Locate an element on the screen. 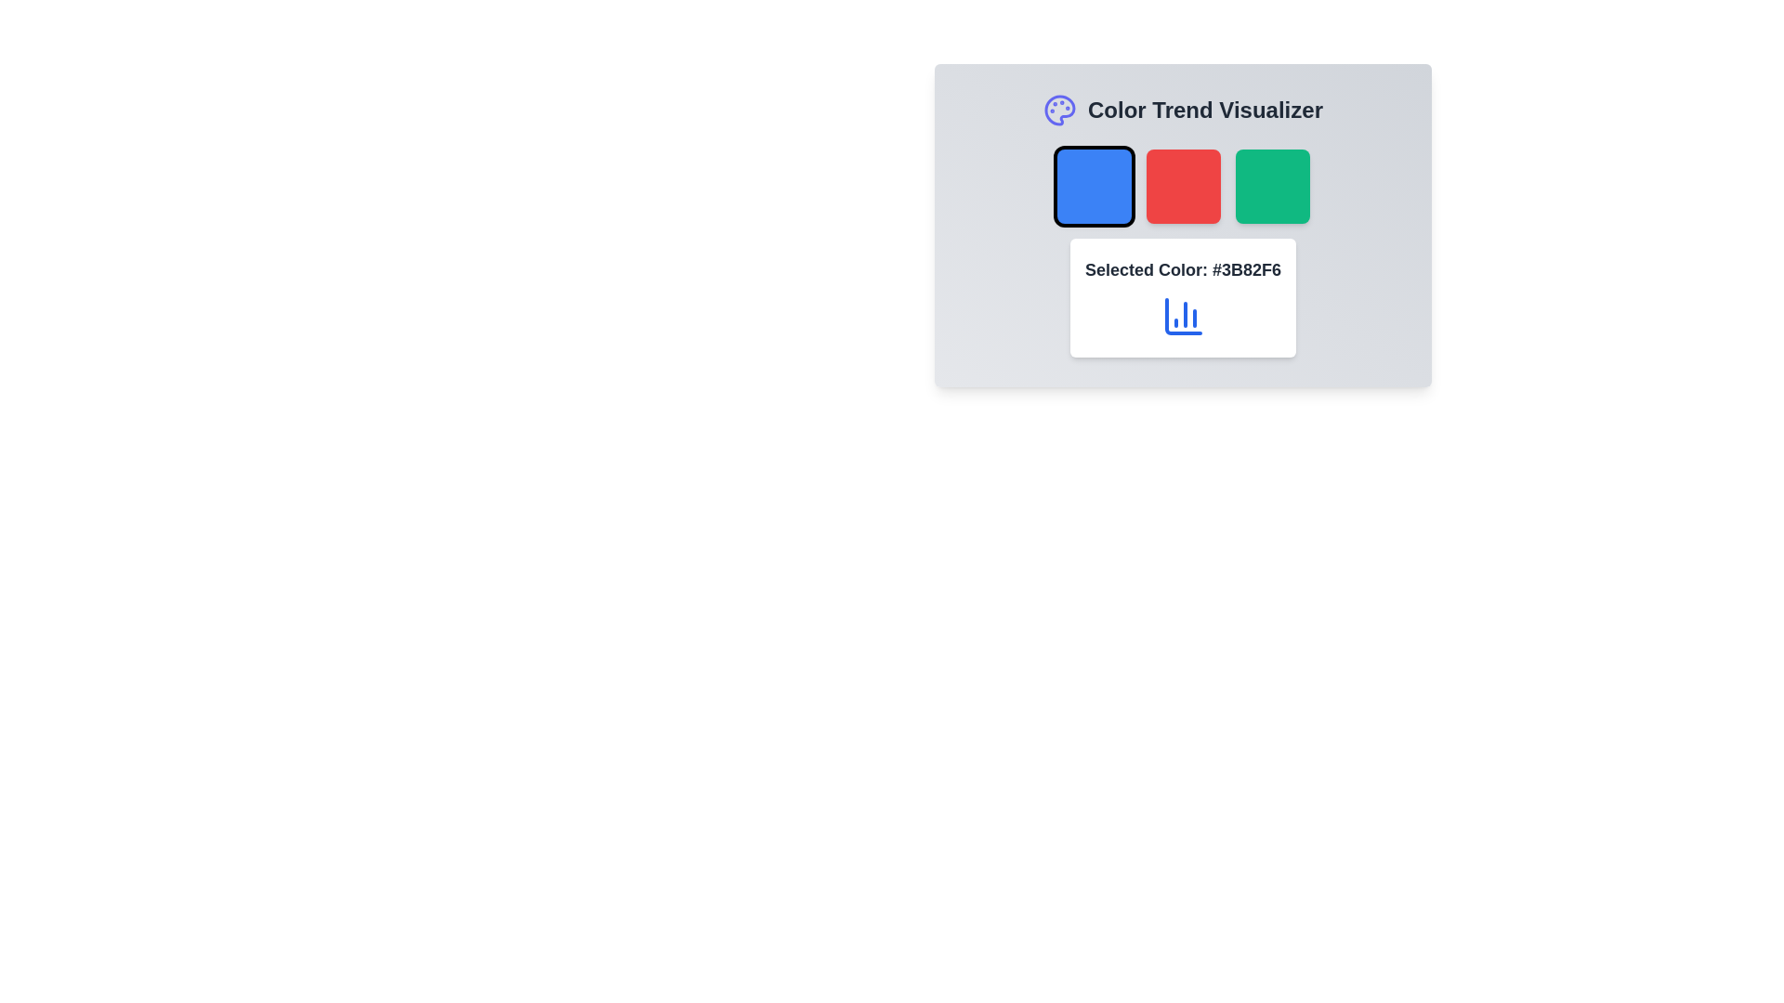  the text label reading 'Color Trend Visualizer', which is styled with a bold font and dark gray color, positioned above the color selection options is located at coordinates (1182, 111).